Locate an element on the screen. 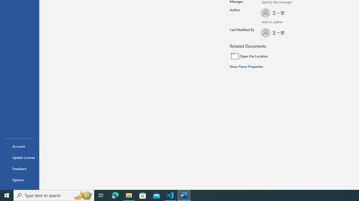  'Show Fewer Properties' is located at coordinates (247, 66).